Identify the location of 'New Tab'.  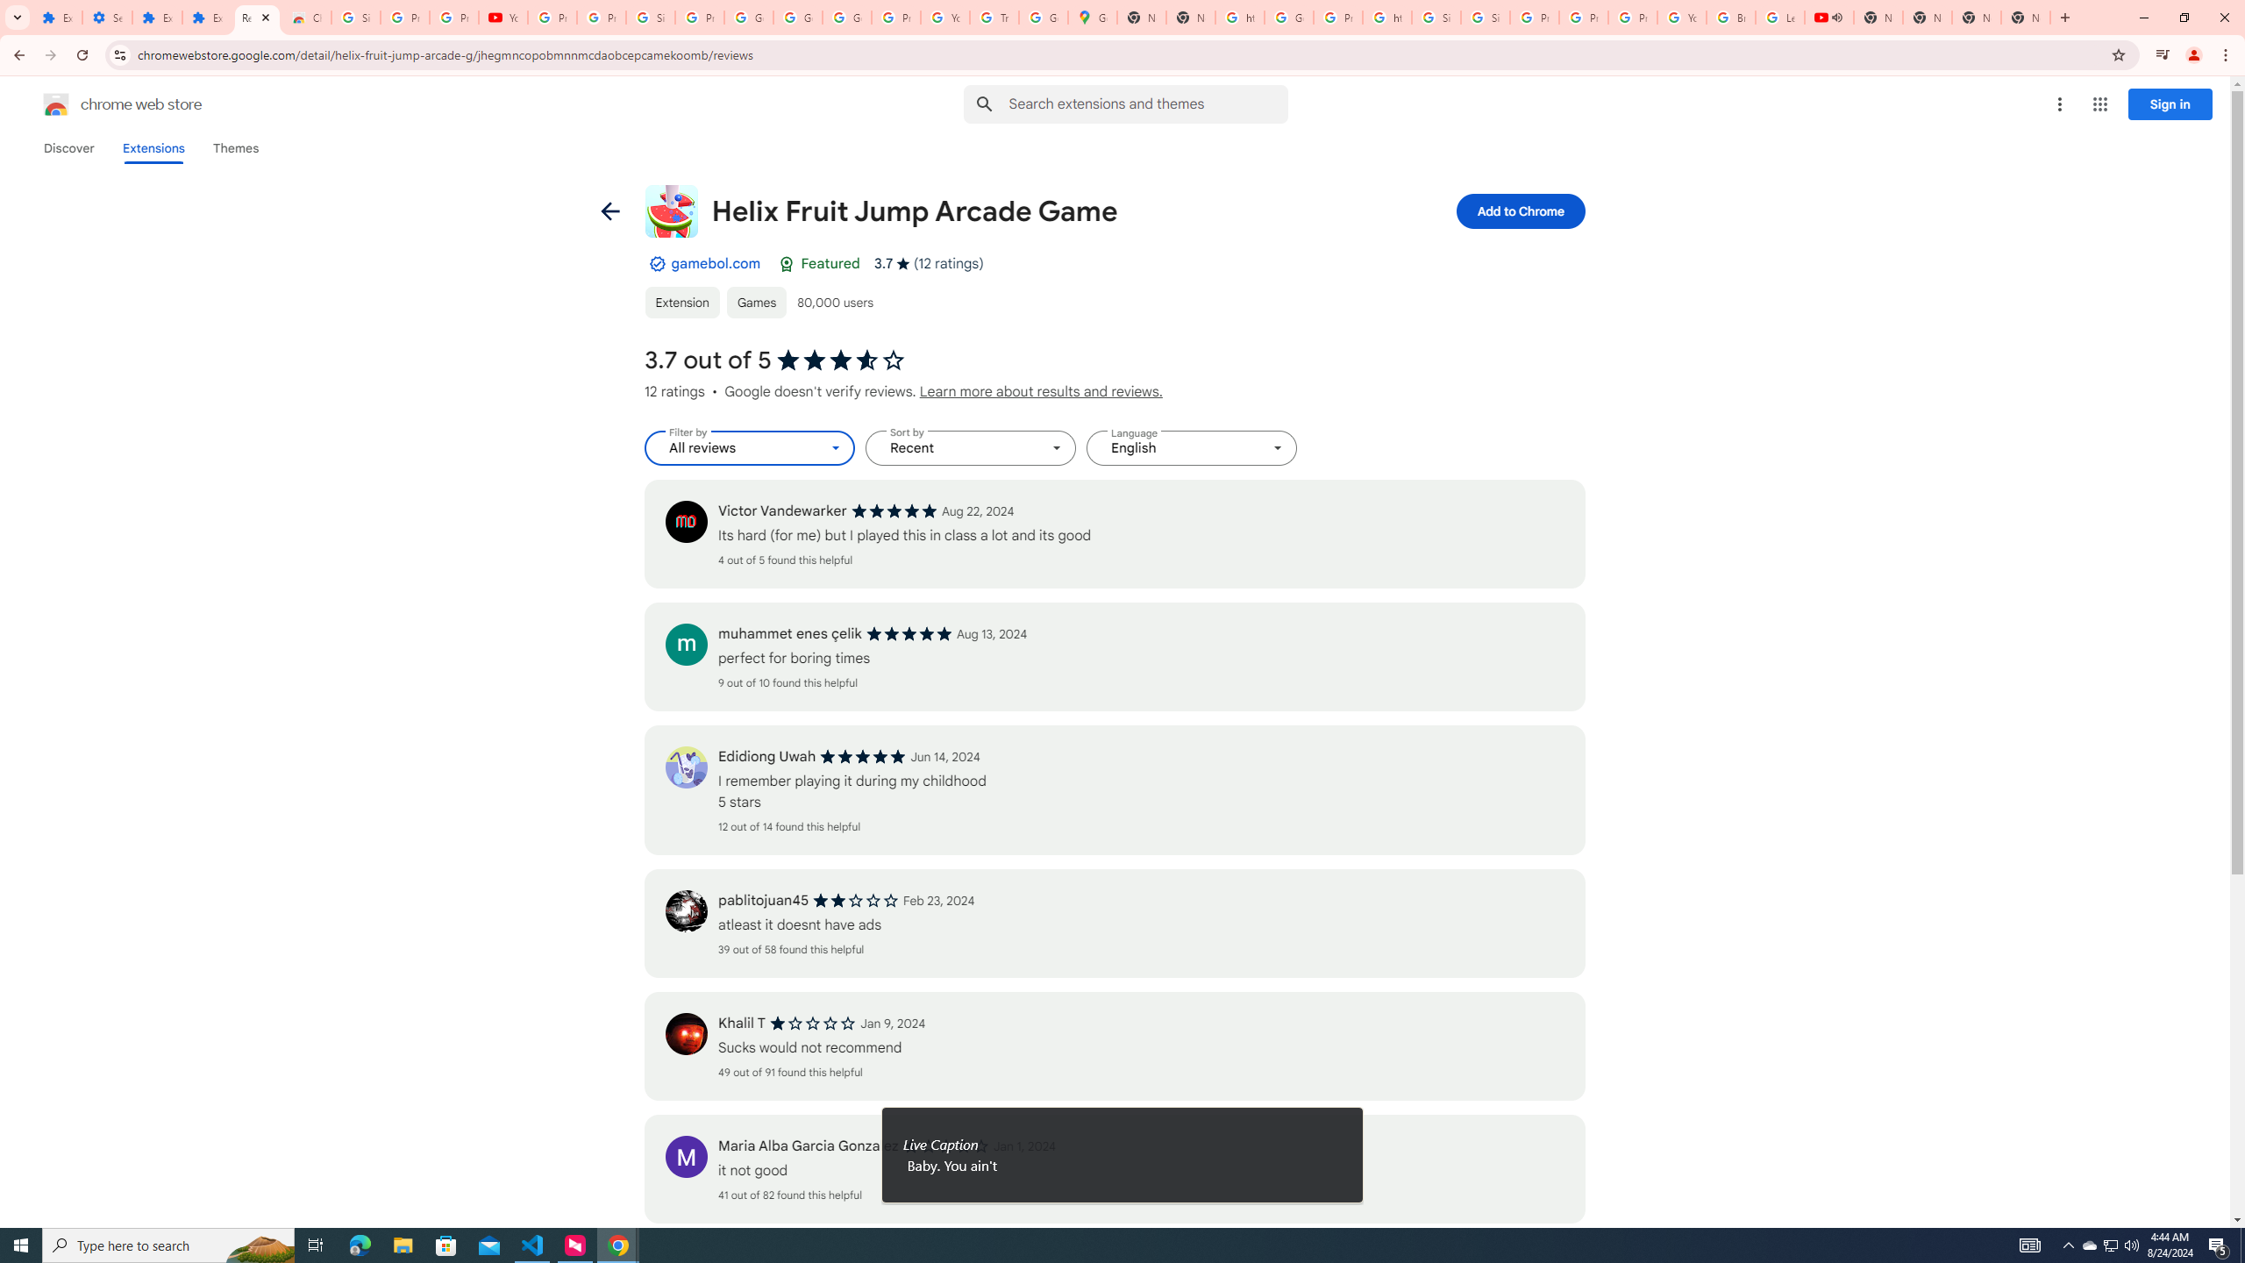
(1977, 17).